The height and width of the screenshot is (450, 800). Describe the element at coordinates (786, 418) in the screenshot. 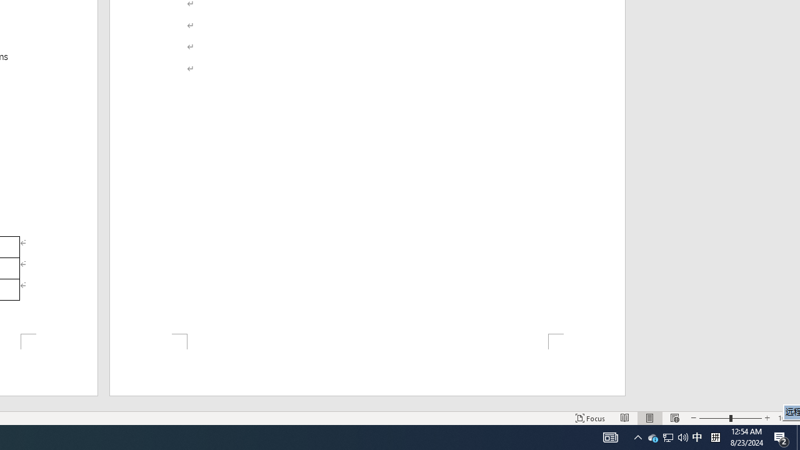

I see `'Zoom 104%'` at that location.